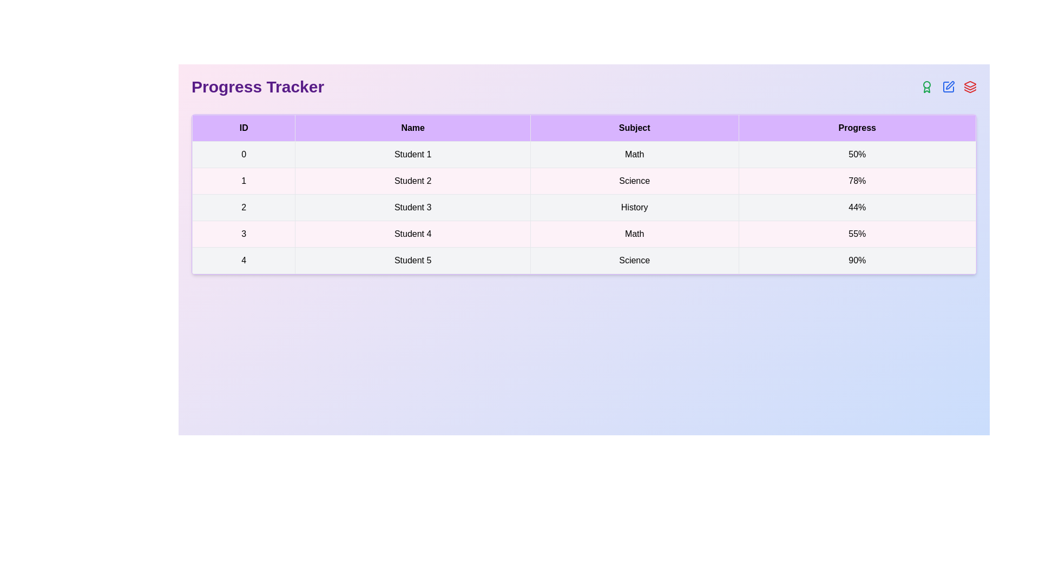 The height and width of the screenshot is (584, 1039). Describe the element at coordinates (583, 181) in the screenshot. I see `the row corresponding to the student with ID 1` at that location.